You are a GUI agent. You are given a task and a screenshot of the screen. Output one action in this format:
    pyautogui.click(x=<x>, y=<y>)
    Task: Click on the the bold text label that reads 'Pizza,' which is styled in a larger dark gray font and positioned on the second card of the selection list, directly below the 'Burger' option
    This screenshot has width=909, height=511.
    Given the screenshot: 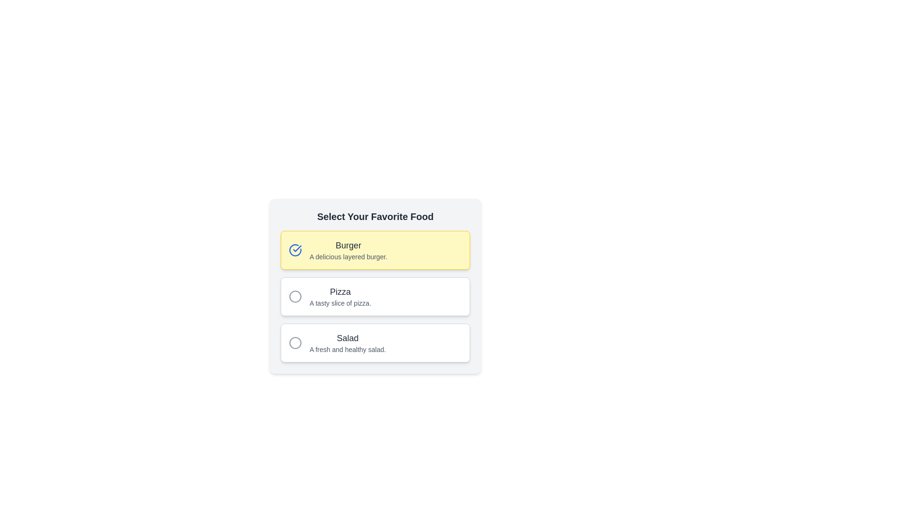 What is the action you would take?
    pyautogui.click(x=340, y=291)
    